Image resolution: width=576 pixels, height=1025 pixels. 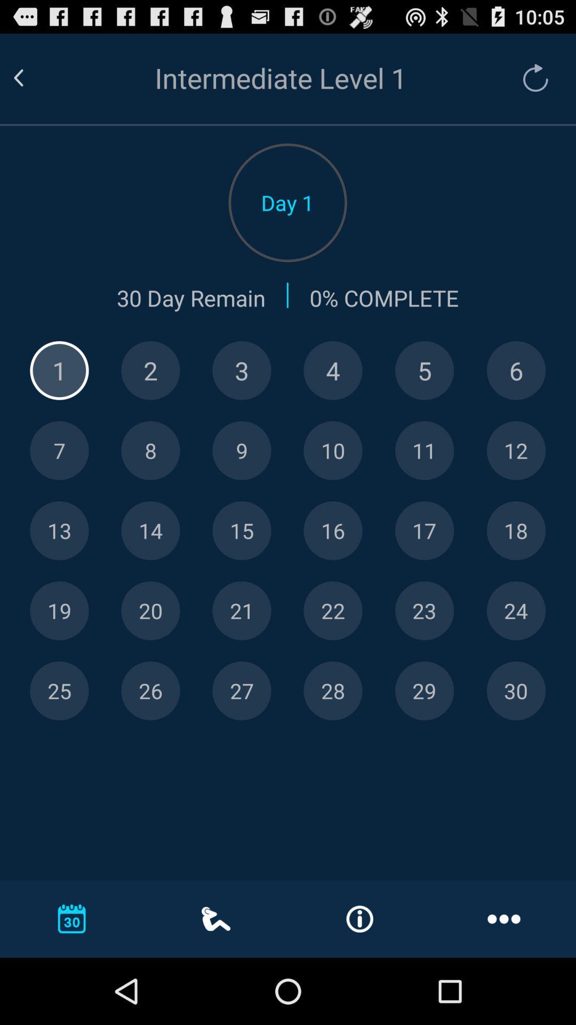 I want to click on day 10, so click(x=332, y=451).